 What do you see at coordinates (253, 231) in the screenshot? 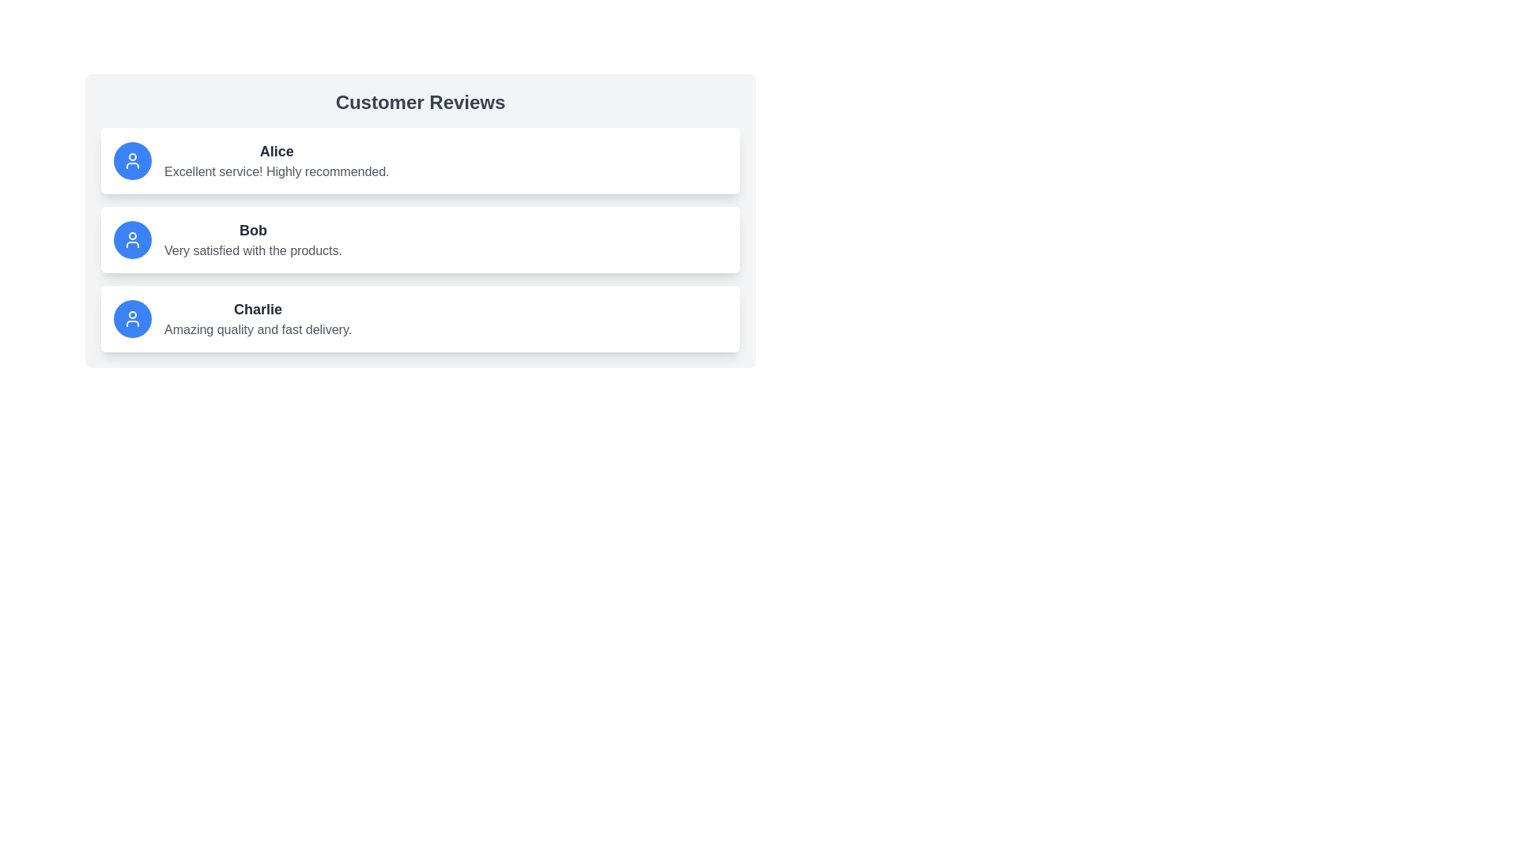
I see `the text label displaying the name 'Bob' which identifies the author of the review in the second review card under 'Customer Reviews'` at bounding box center [253, 231].